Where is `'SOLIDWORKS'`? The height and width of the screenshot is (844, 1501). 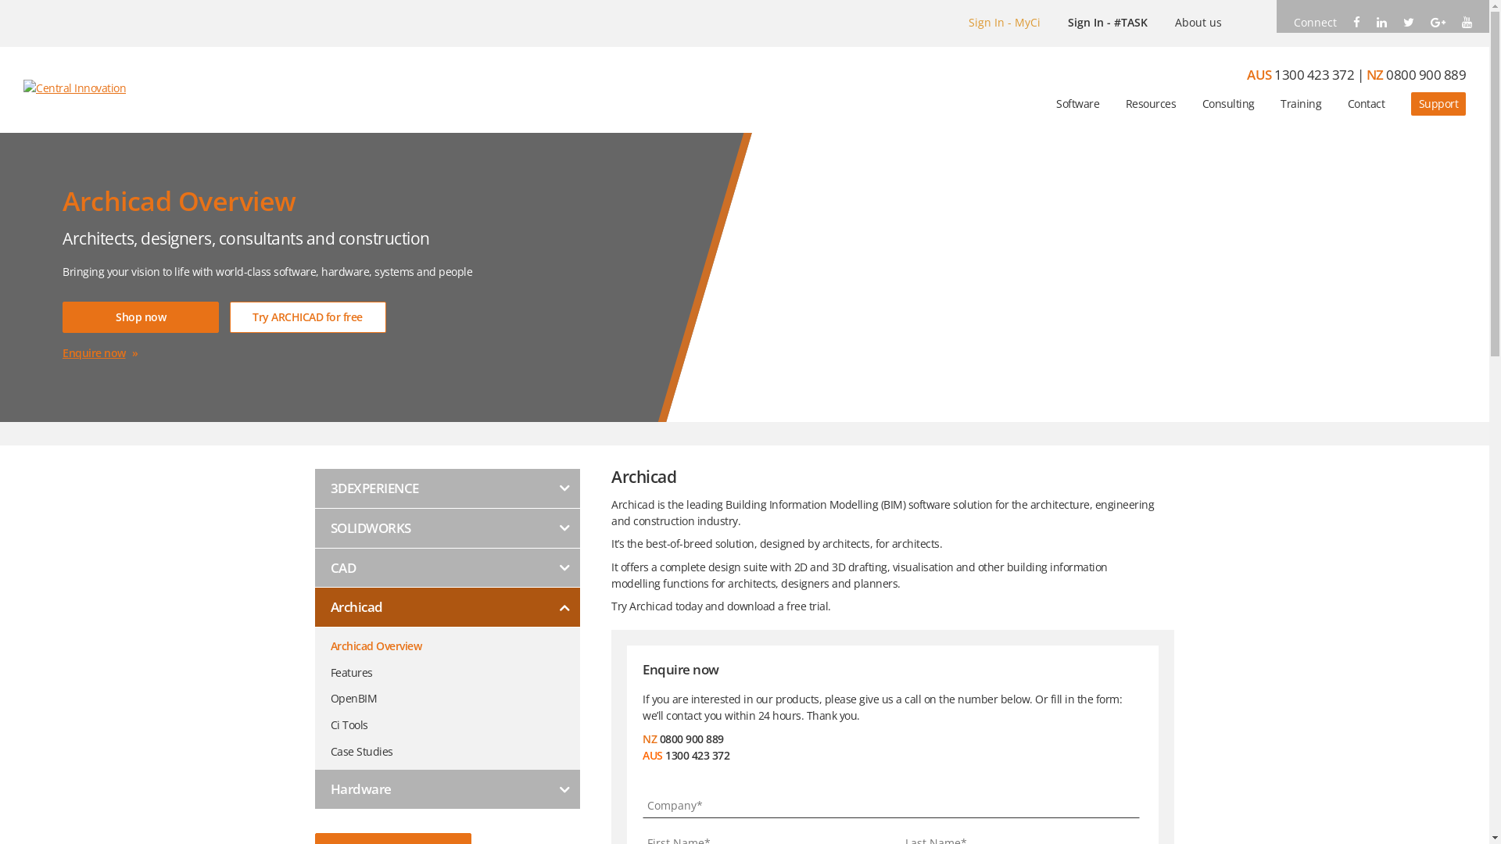 'SOLIDWORKS' is located at coordinates (446, 527).